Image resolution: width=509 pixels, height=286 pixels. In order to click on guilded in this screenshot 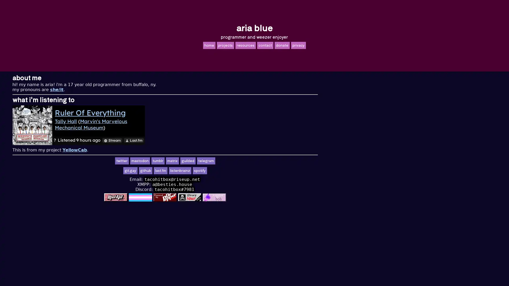, I will do `click(277, 160)`.